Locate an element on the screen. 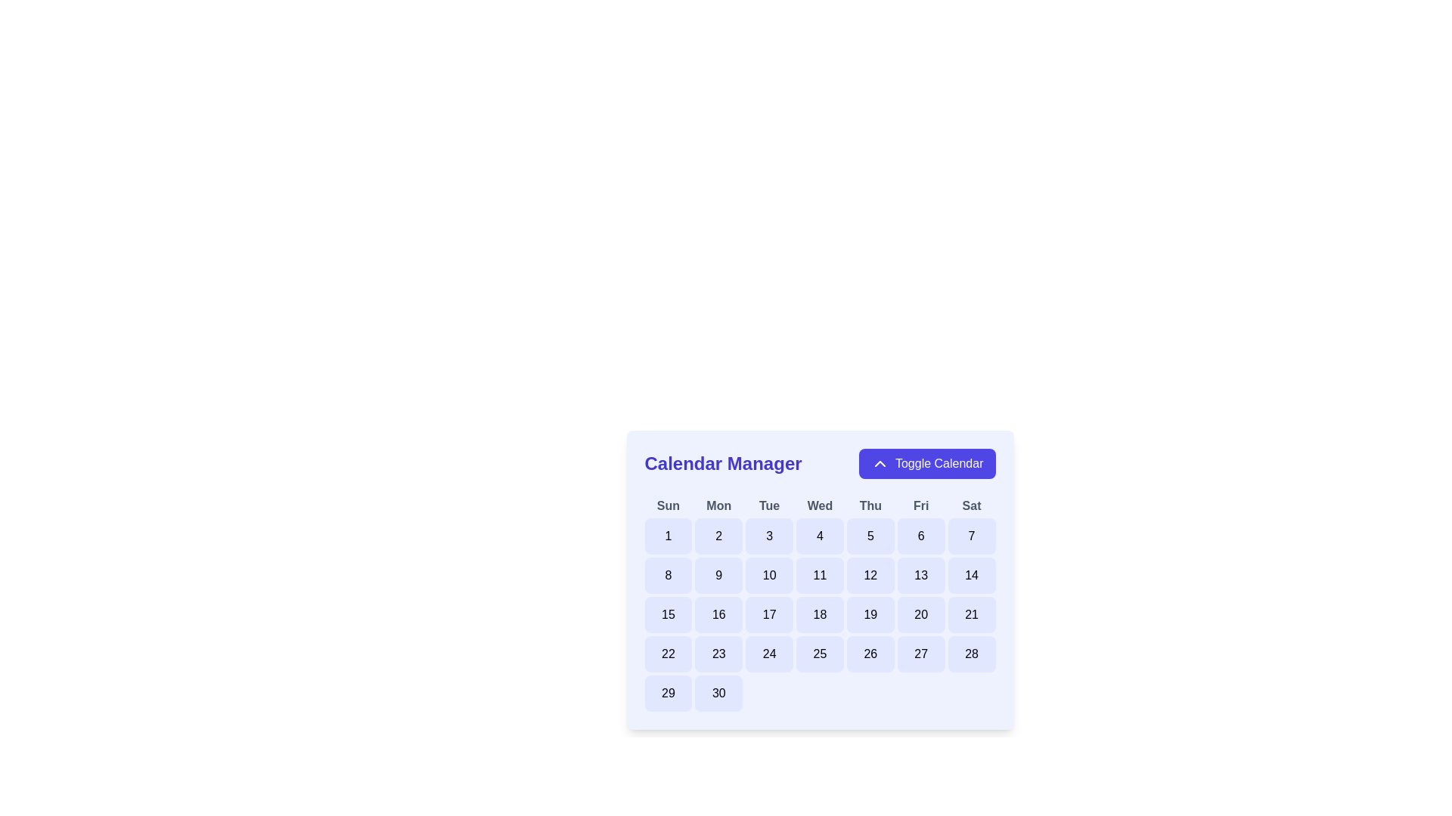 This screenshot has height=816, width=1452. the Text label representing the abbreviation for Sunday in the week grid, located at the uppermost part of the calendar layout is located at coordinates (667, 506).